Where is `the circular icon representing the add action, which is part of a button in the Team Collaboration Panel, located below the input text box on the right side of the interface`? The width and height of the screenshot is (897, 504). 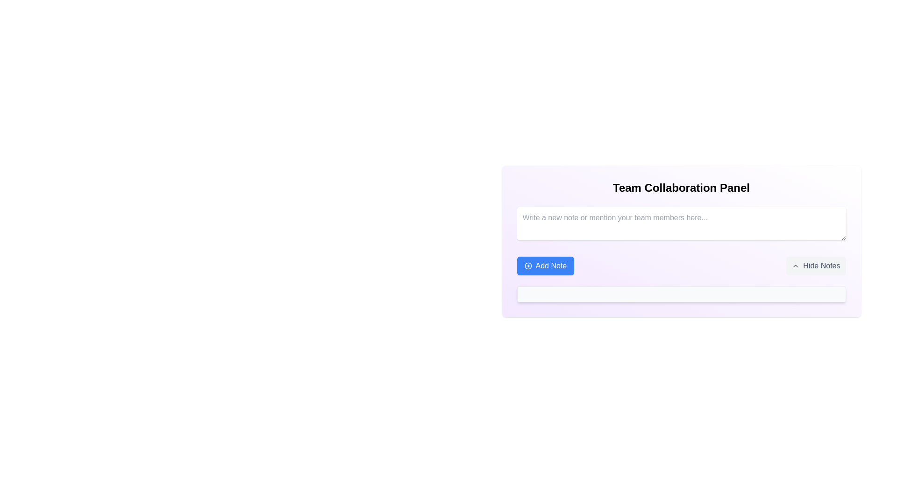
the circular icon representing the add action, which is part of a button in the Team Collaboration Panel, located below the input text box on the right side of the interface is located at coordinates (528, 266).